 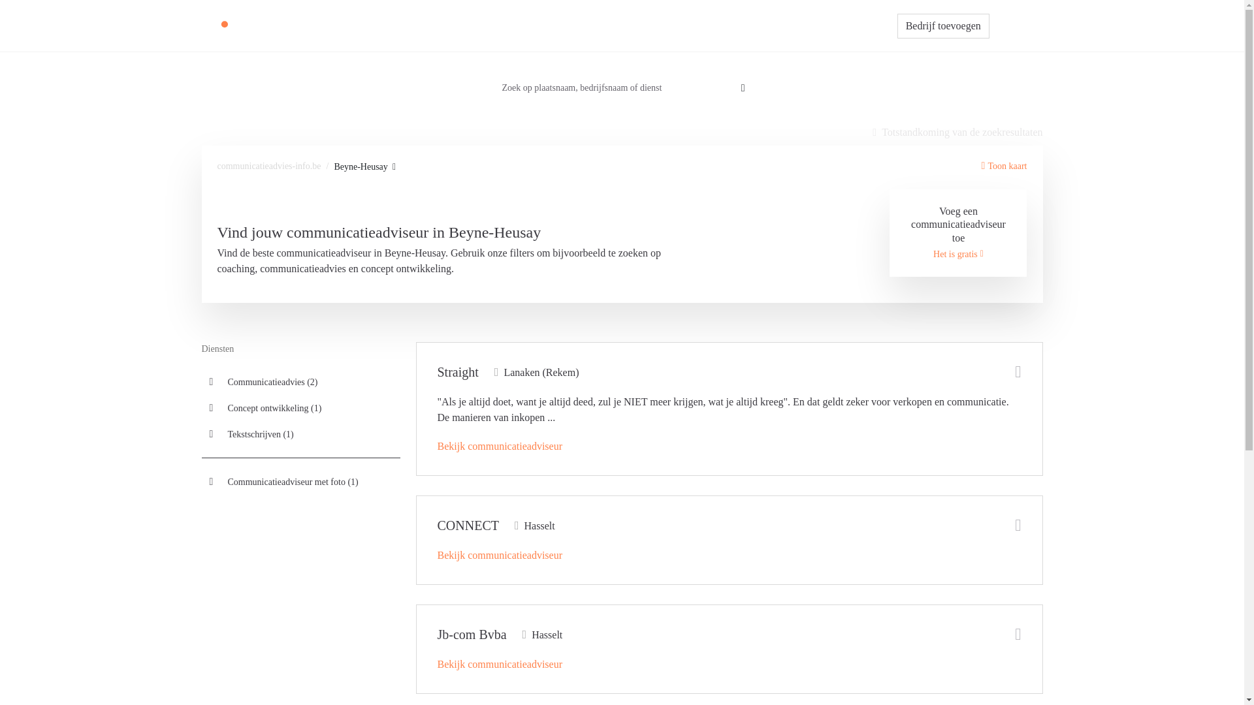 I want to click on 'Jb-com Bvba', so click(x=472, y=634).